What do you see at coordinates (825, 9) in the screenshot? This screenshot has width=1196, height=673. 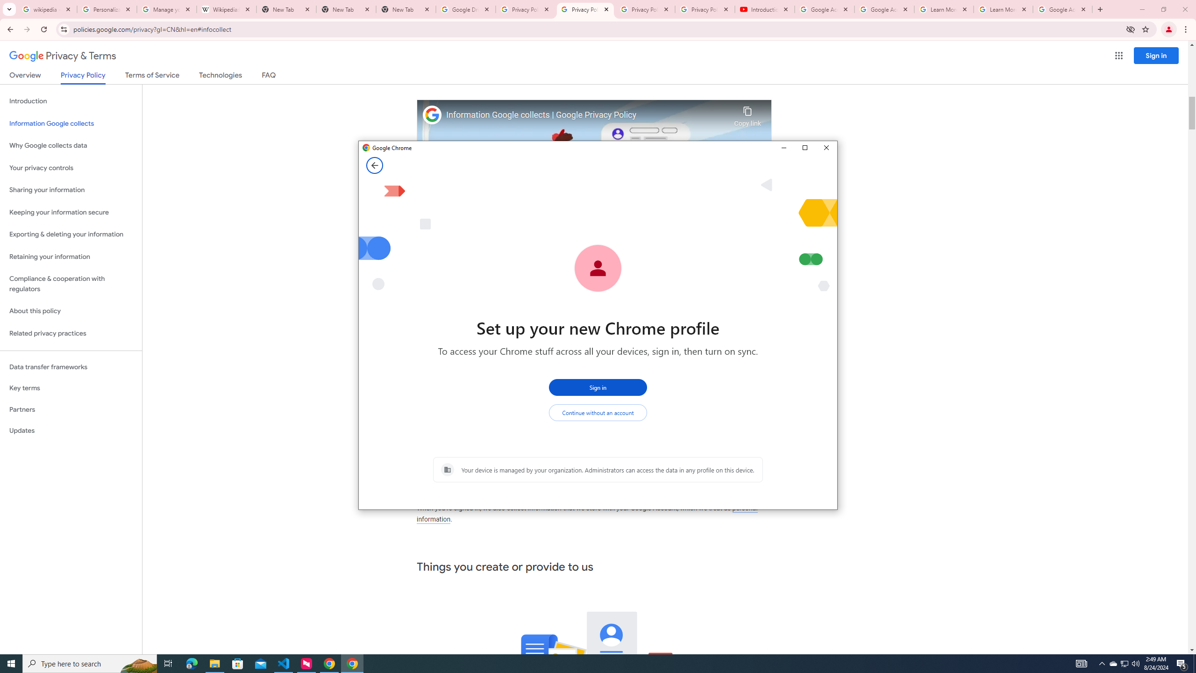 I see `'Google Account Help'` at bounding box center [825, 9].